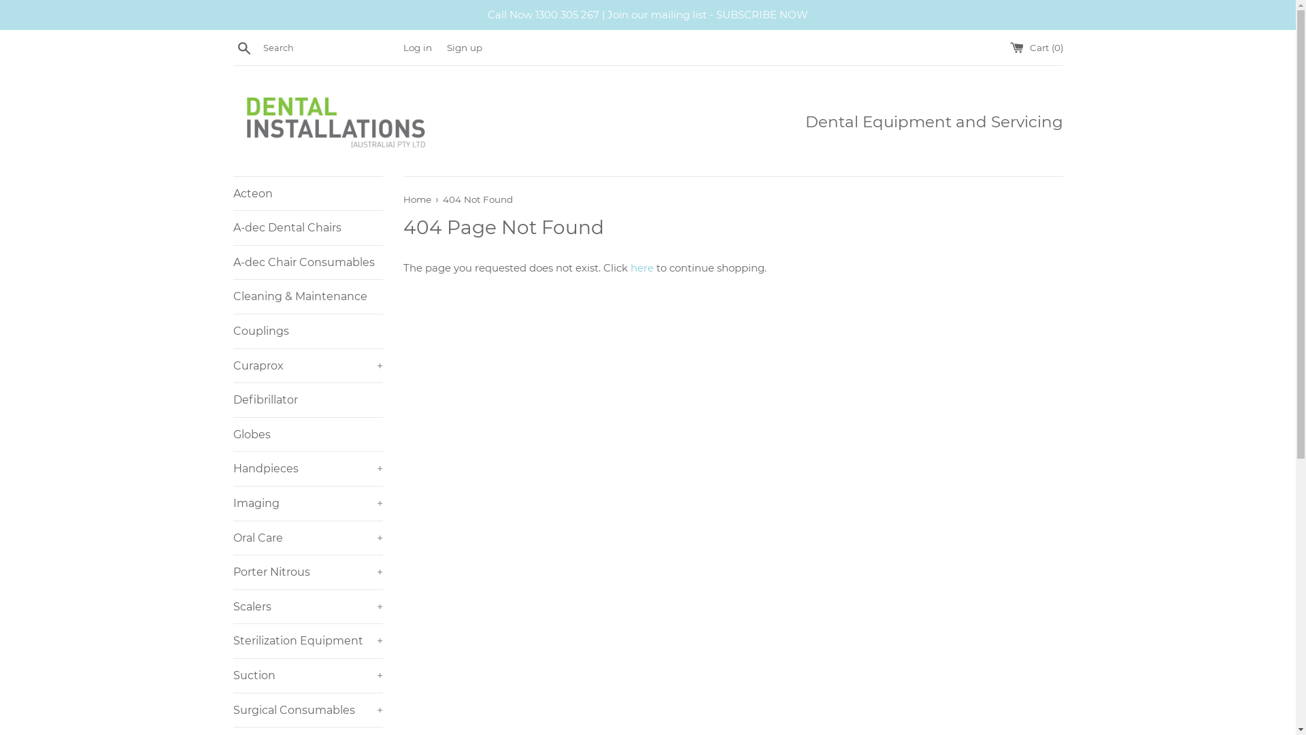 This screenshot has width=1306, height=735. What do you see at coordinates (1035, 46) in the screenshot?
I see `'Cart (0)'` at bounding box center [1035, 46].